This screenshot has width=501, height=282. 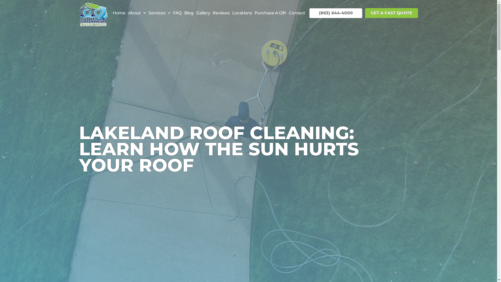 I want to click on 'Purchase A Gift', so click(x=270, y=13).